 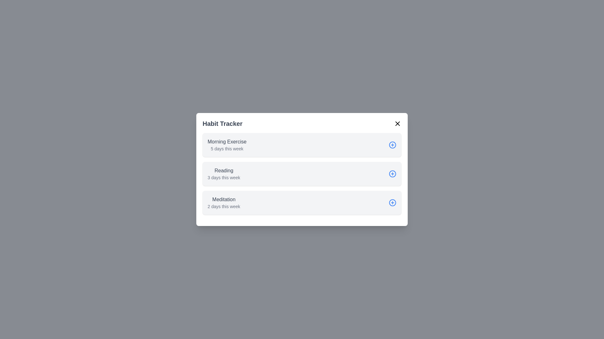 I want to click on the Meditation list item to inspect its details, so click(x=224, y=202).